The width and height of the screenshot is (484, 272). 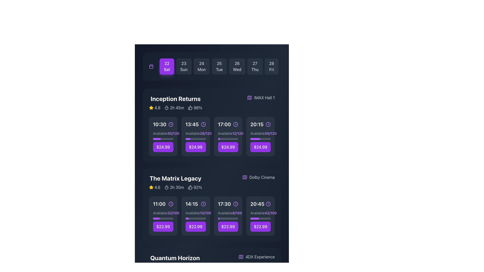 I want to click on the price area ('$22.99') of the seating availability component for 'The Matrix Legacy' movie session to initiate ticket selection, so click(x=195, y=221).